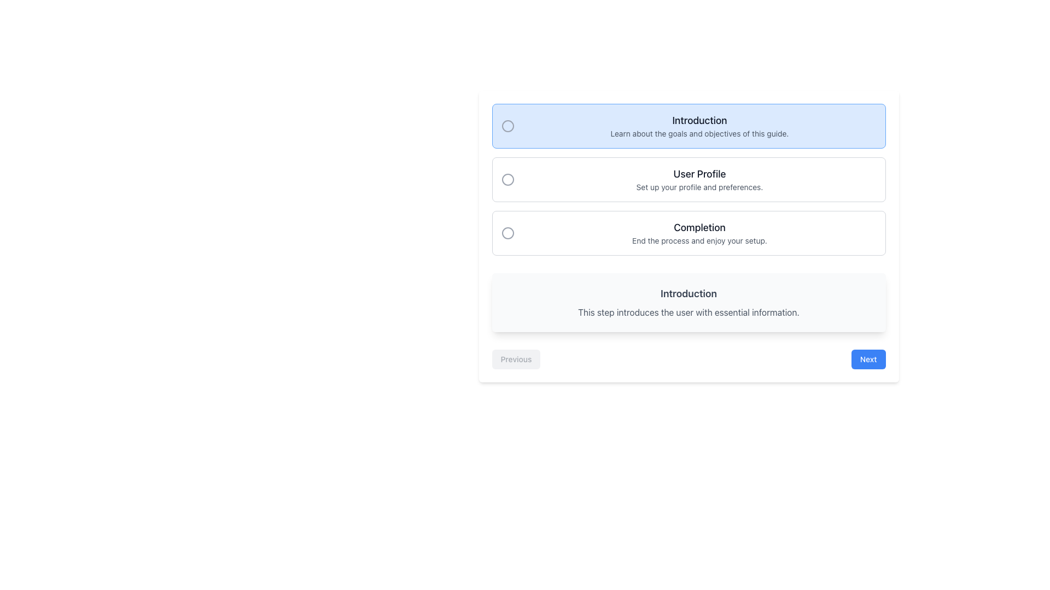 The height and width of the screenshot is (590, 1050). Describe the element at coordinates (699, 233) in the screenshot. I see `the static text label displaying 'Completion', which is the third row element in the vertically-stacked selection menu, positioned between 'User Profile' and 'Introduction'` at that location.